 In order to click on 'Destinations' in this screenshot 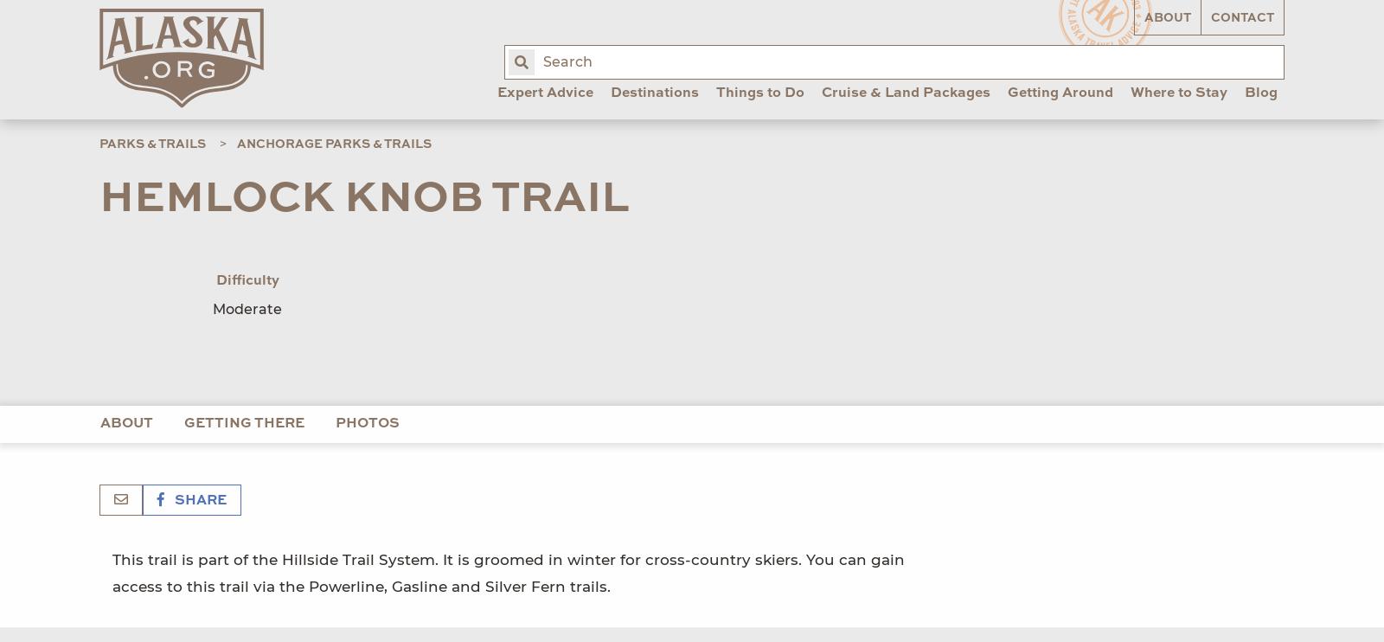, I will do `click(654, 93)`.